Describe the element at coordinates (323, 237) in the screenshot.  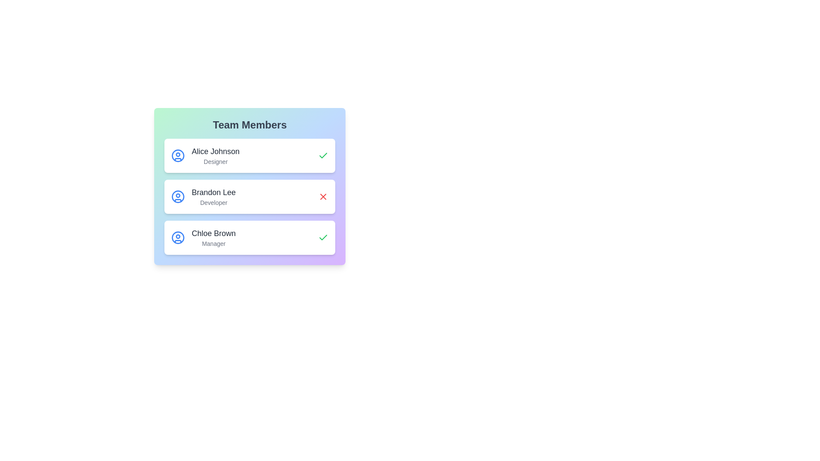
I see `the status icon for Chloe Brown to inspect their online/offline status` at that location.